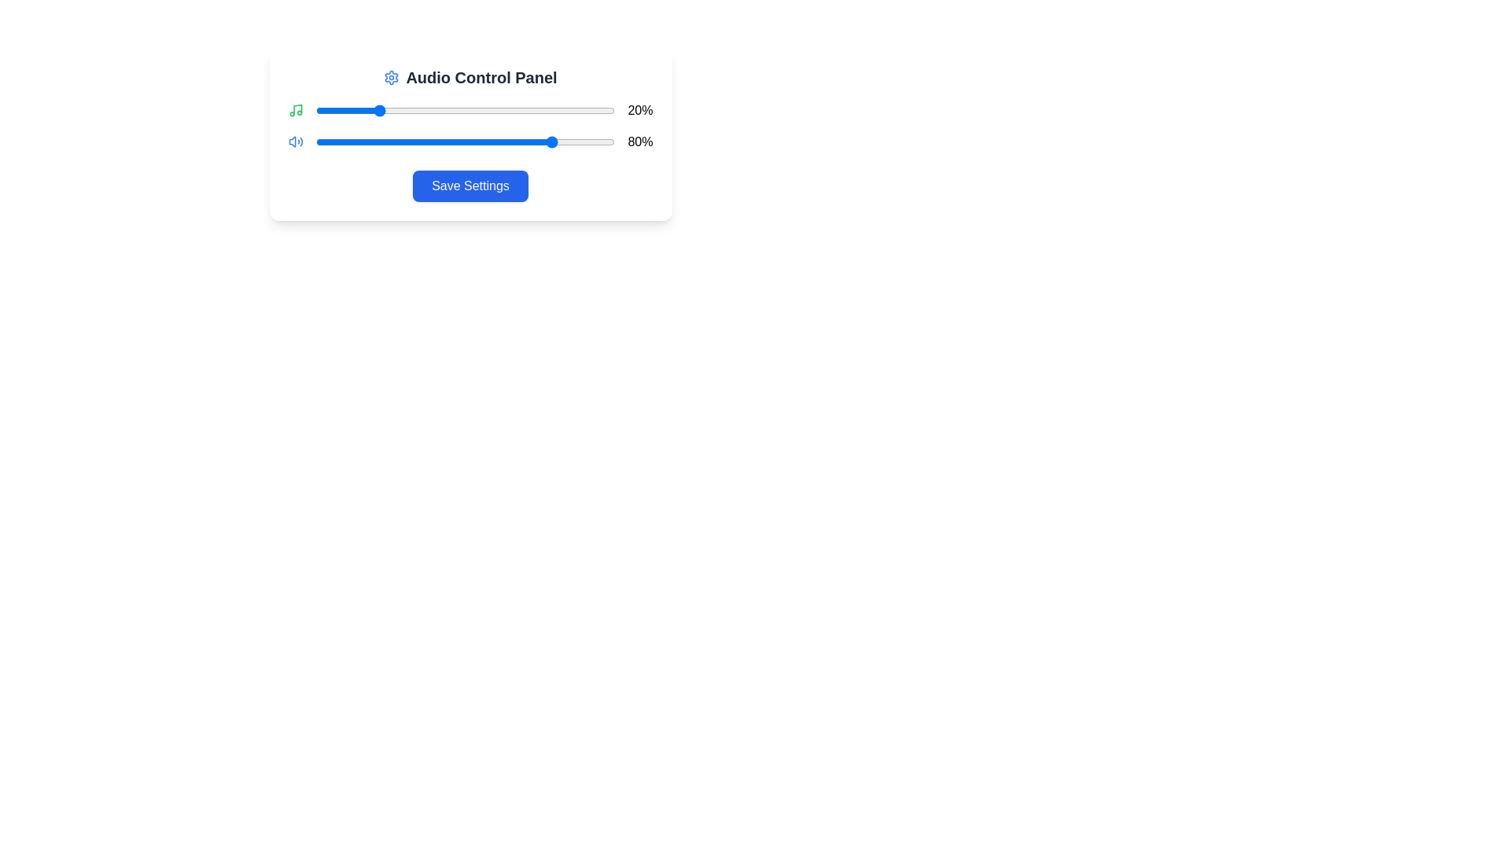 Image resolution: width=1510 pixels, height=849 pixels. I want to click on the second volume slider to 96%, so click(602, 142).